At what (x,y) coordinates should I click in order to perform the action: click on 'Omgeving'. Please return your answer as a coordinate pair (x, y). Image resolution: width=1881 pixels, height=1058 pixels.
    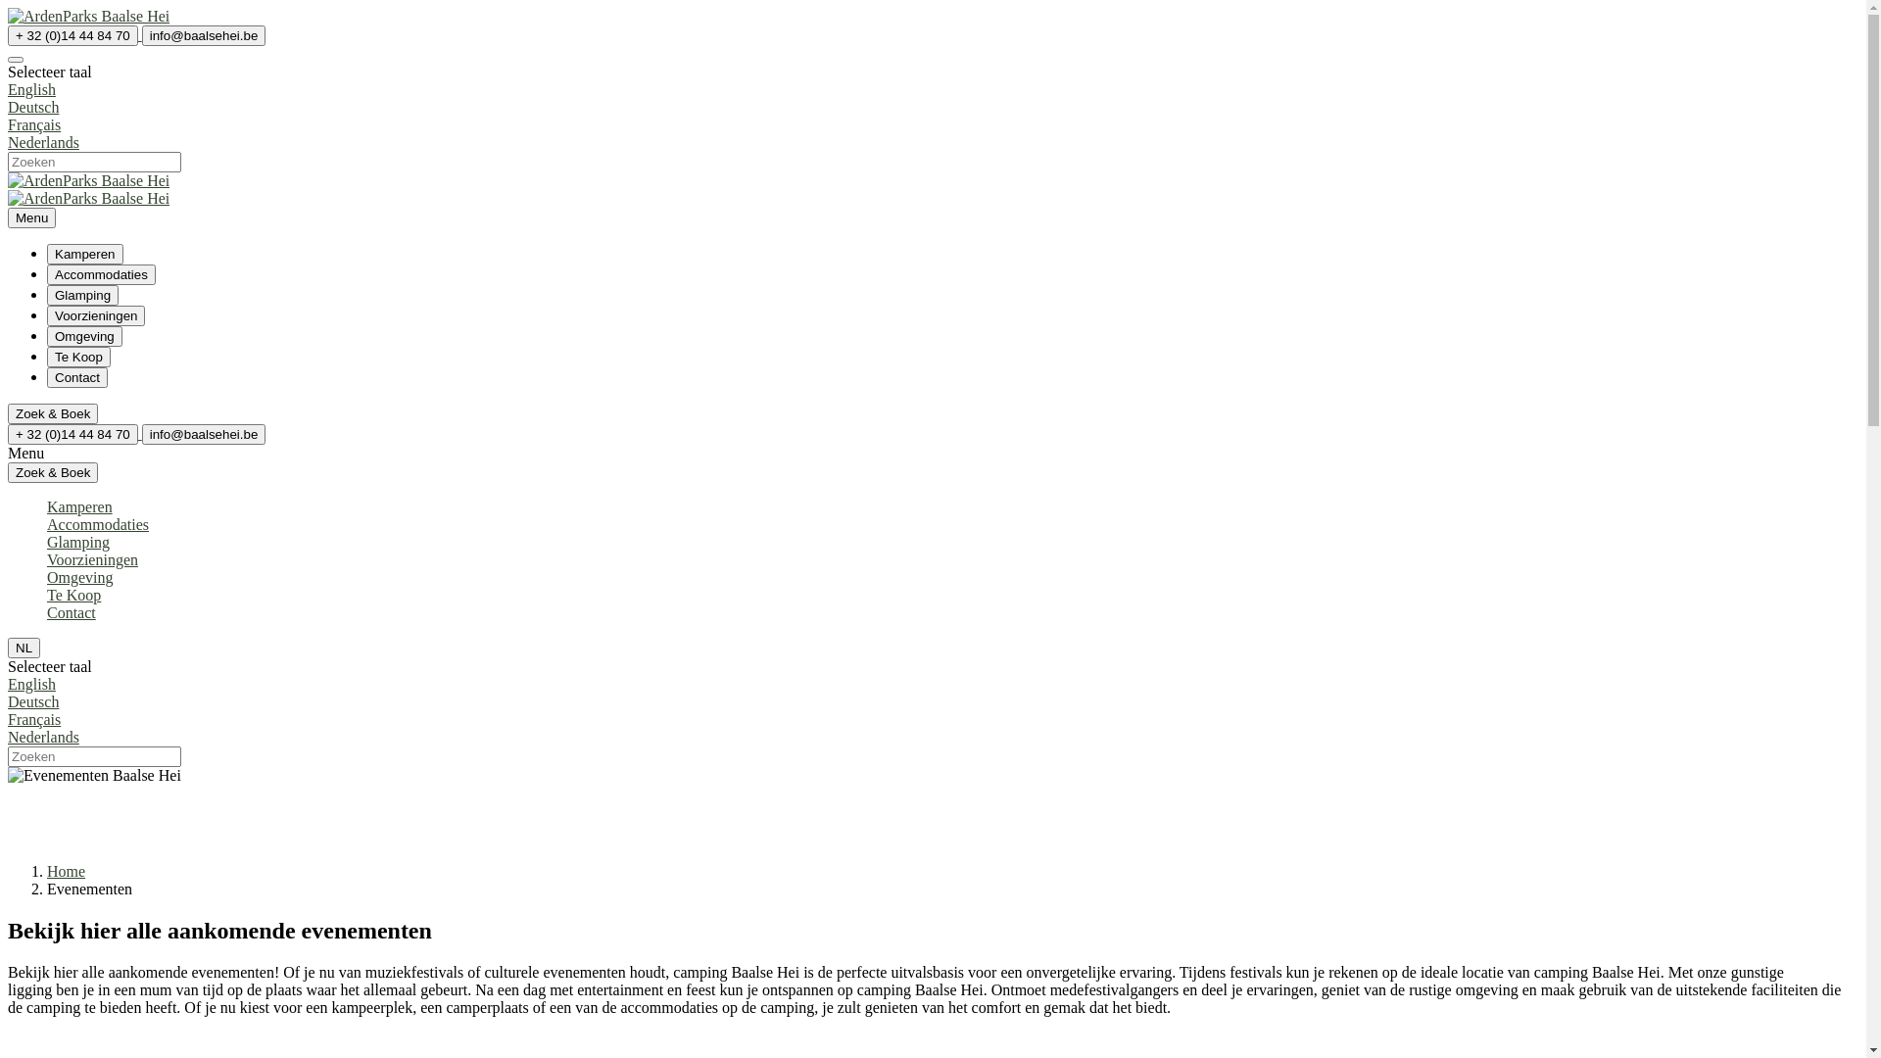
    Looking at the image, I should click on (47, 335).